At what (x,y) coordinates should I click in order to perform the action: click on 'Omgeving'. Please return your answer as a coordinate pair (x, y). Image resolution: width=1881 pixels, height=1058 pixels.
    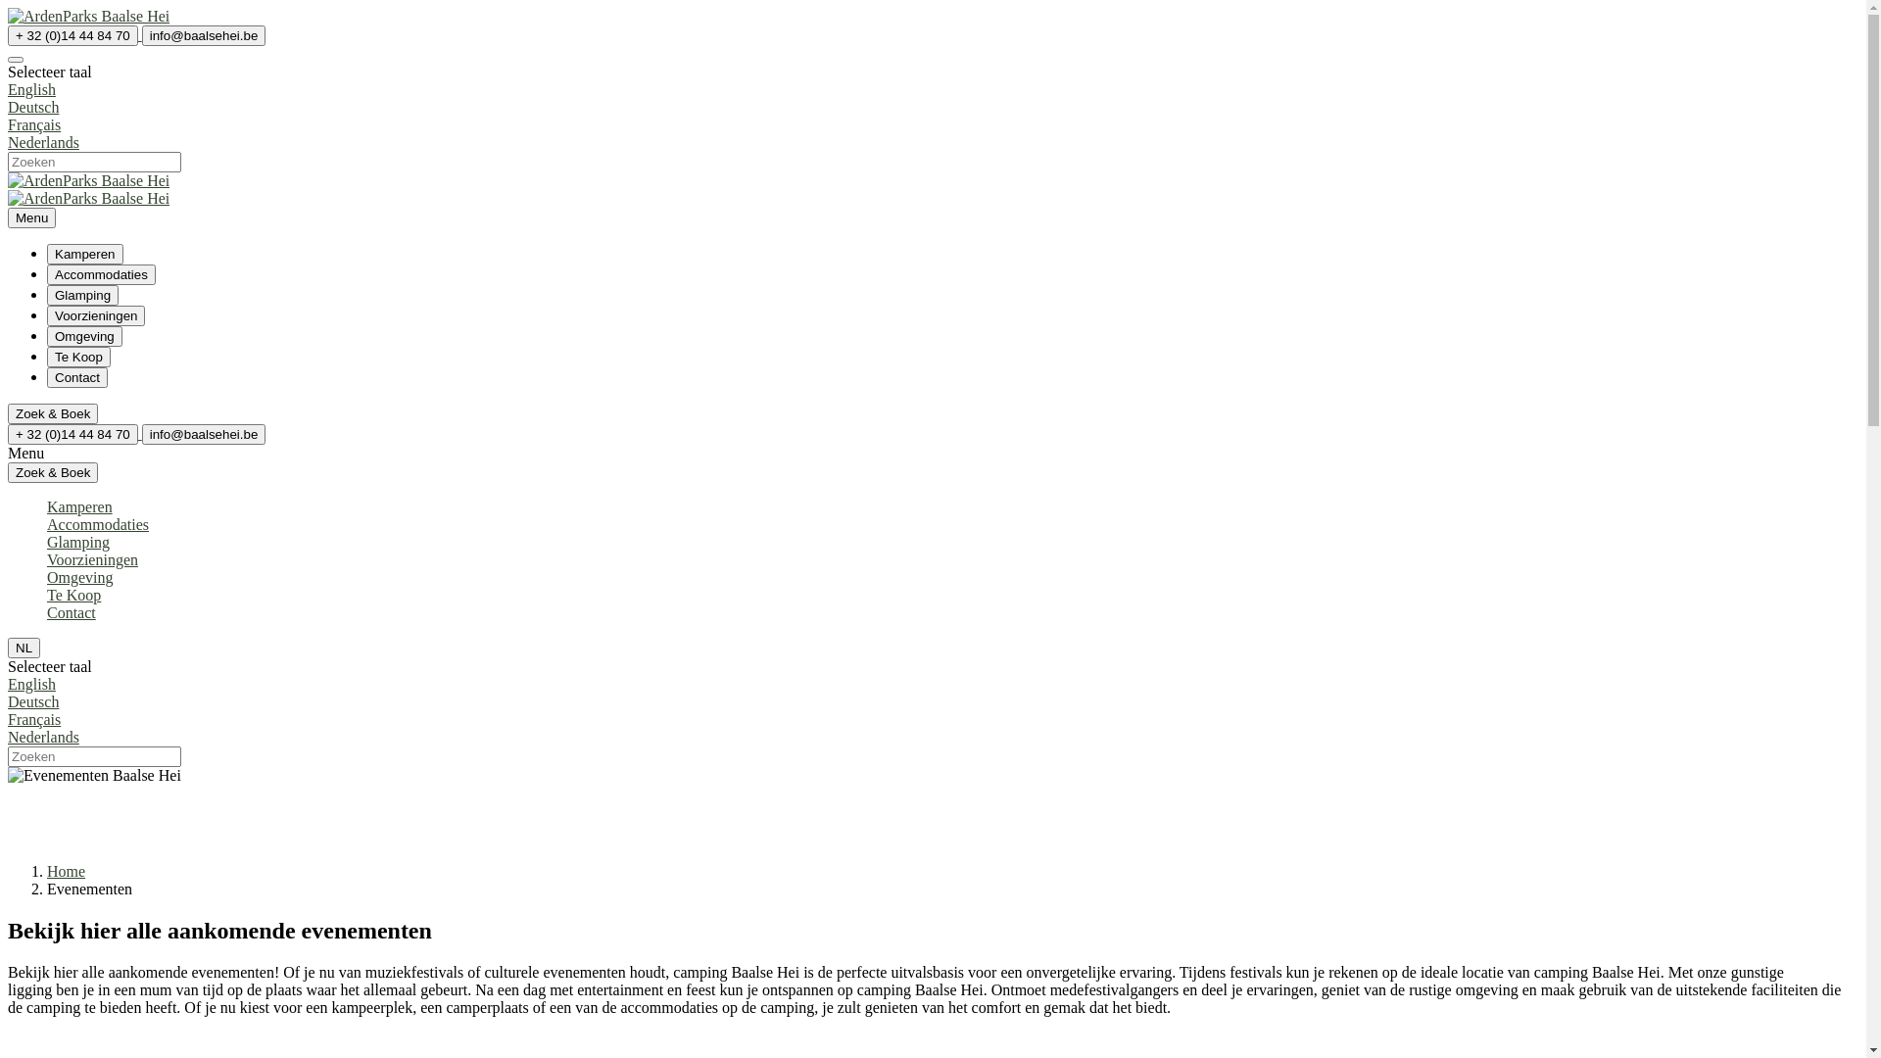
    Looking at the image, I should click on (47, 335).